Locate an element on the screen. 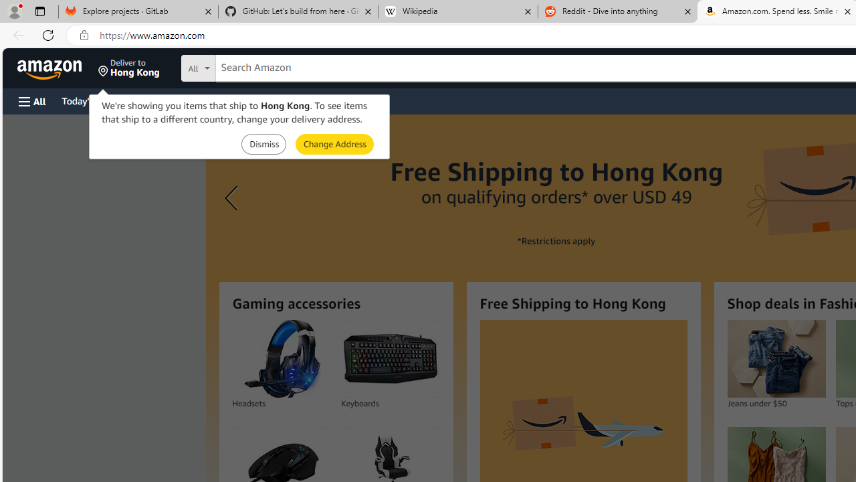  'Keyboards' is located at coordinates (390, 358).